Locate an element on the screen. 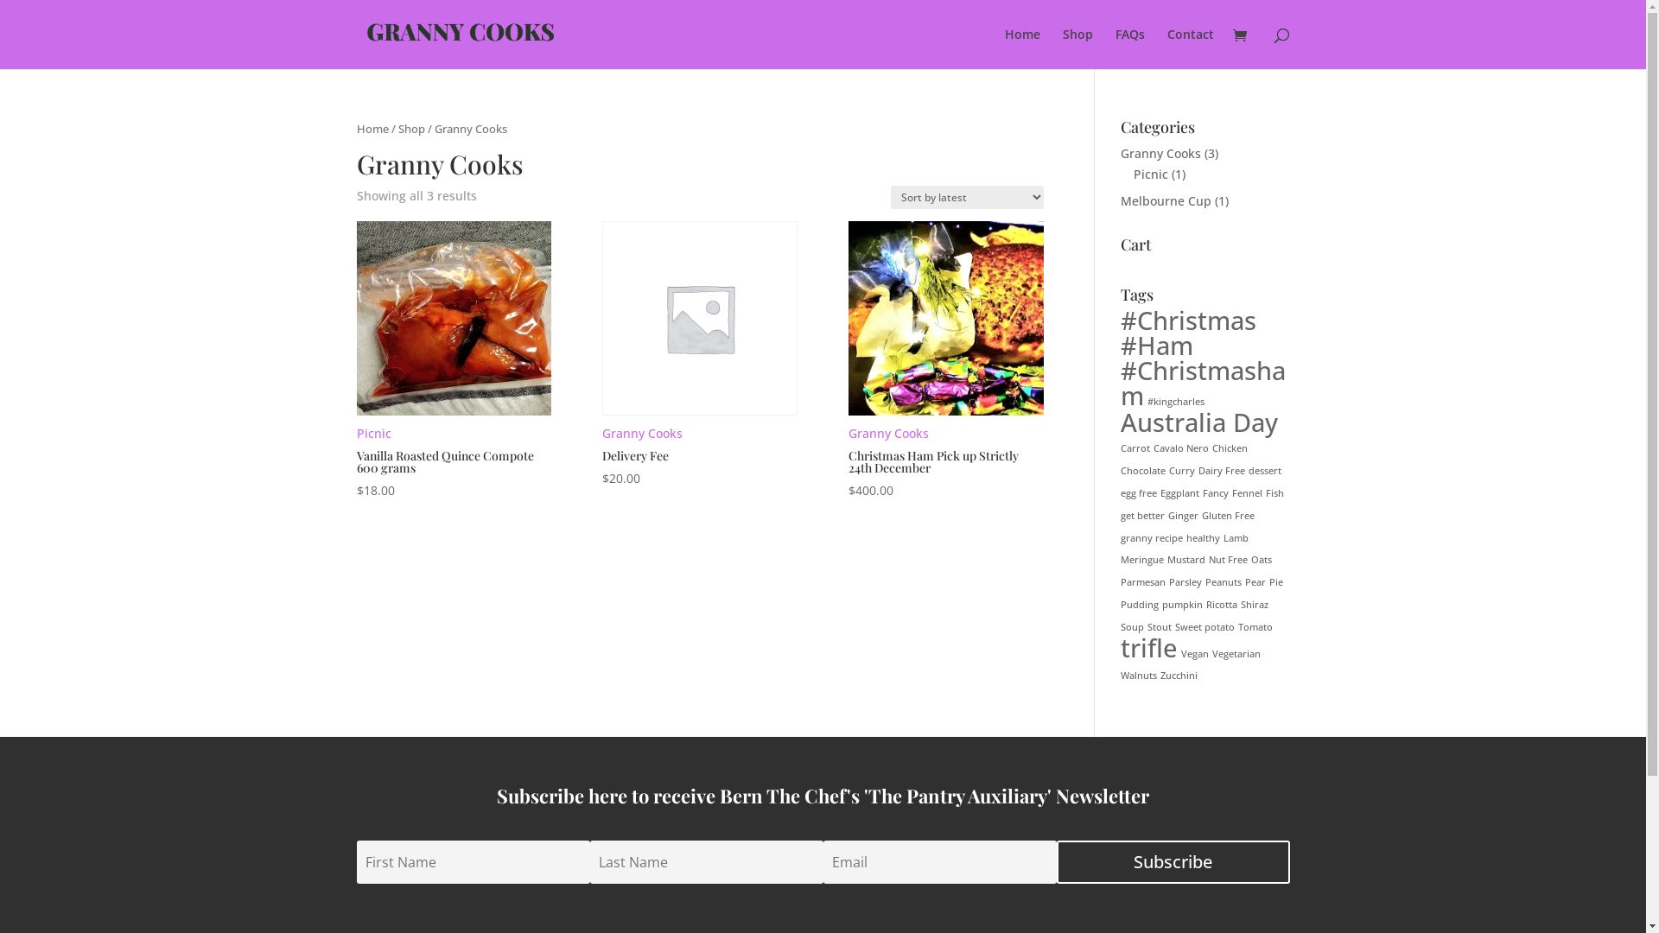 This screenshot has width=1659, height=933. 'Meringue' is located at coordinates (1141, 560).